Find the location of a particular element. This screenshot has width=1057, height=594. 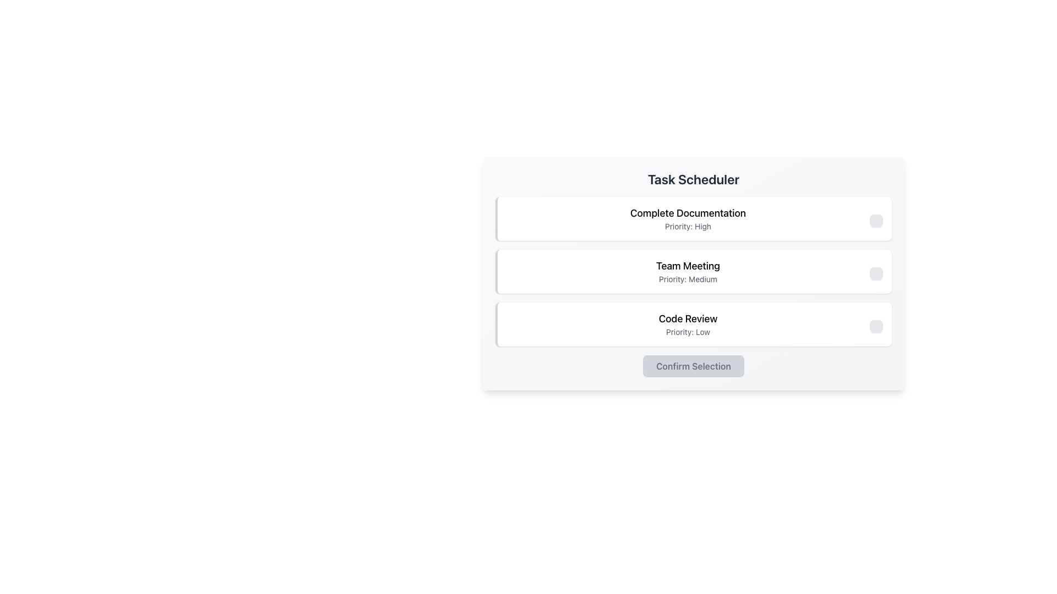

the text label indicating the priority level (High) of the task located directly under 'Complete Documentation' in the topmost task section is located at coordinates (687, 226).